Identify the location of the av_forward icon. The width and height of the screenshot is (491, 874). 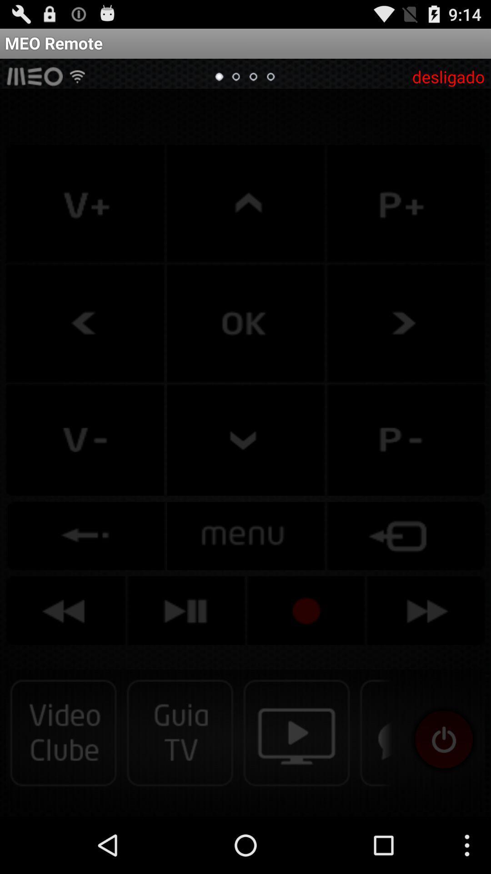
(425, 653).